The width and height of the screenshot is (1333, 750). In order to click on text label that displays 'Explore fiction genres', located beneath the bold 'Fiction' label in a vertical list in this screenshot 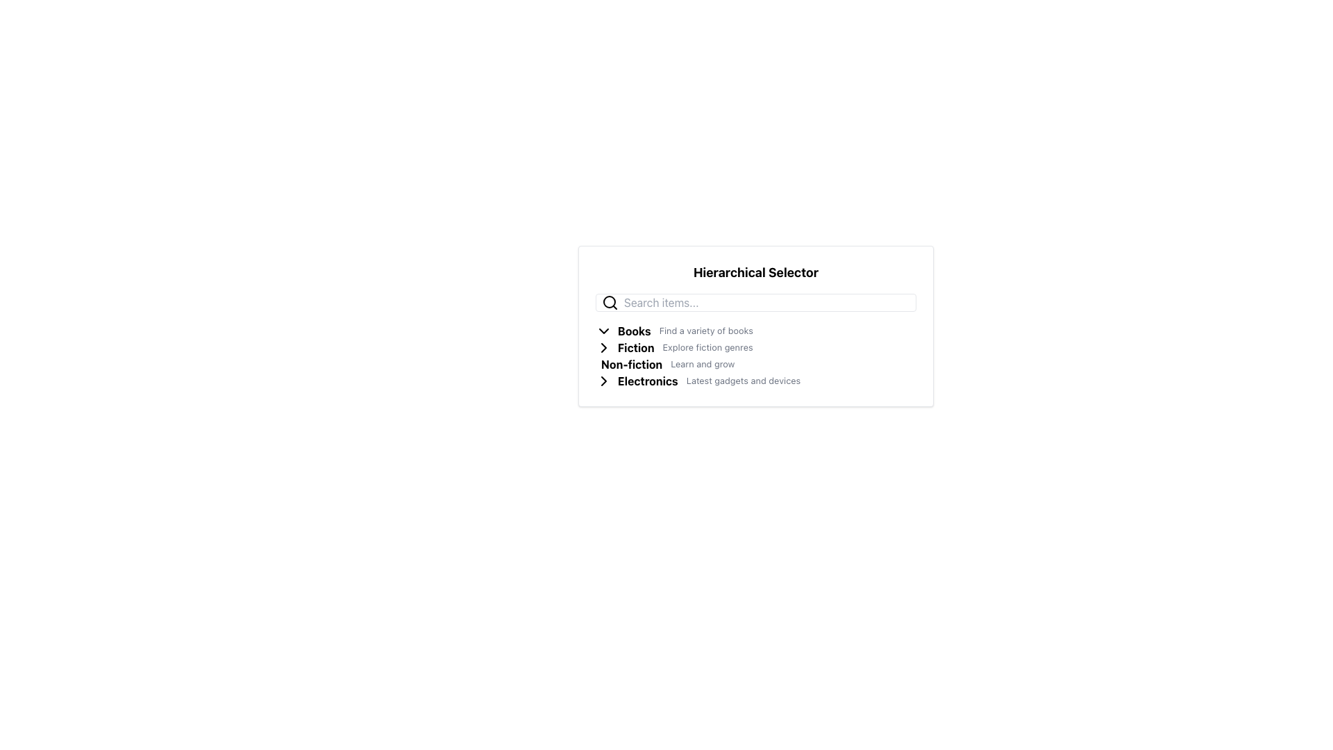, I will do `click(707, 347)`.